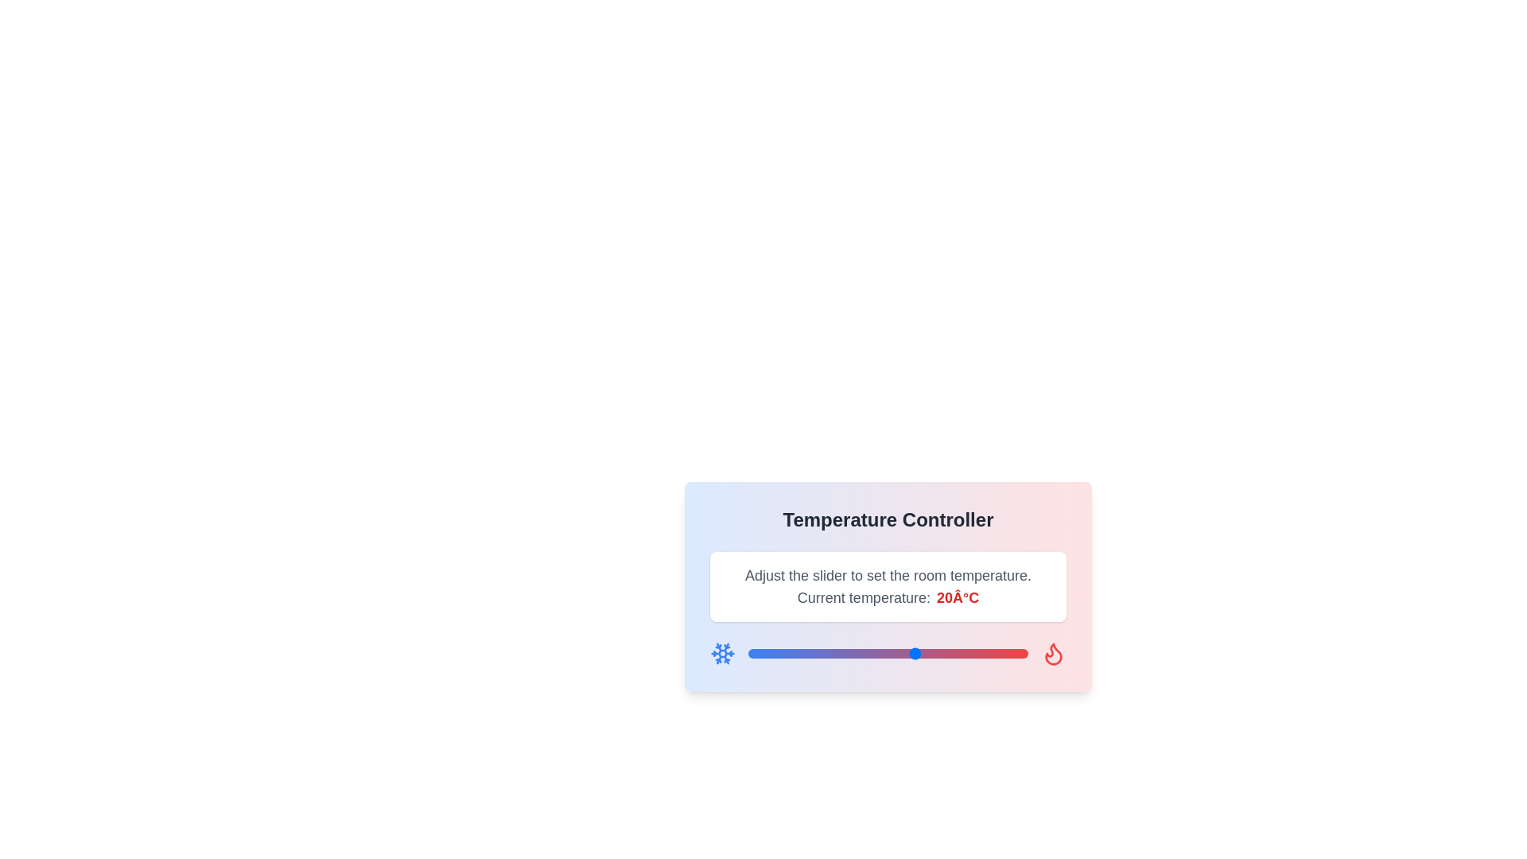 The width and height of the screenshot is (1527, 859). I want to click on the temperature slider to set the temperature to -5°C, so click(776, 653).